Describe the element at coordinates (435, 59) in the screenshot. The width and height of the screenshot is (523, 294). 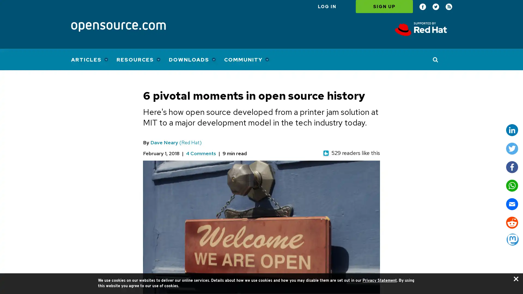
I see `Toggle Search` at that location.